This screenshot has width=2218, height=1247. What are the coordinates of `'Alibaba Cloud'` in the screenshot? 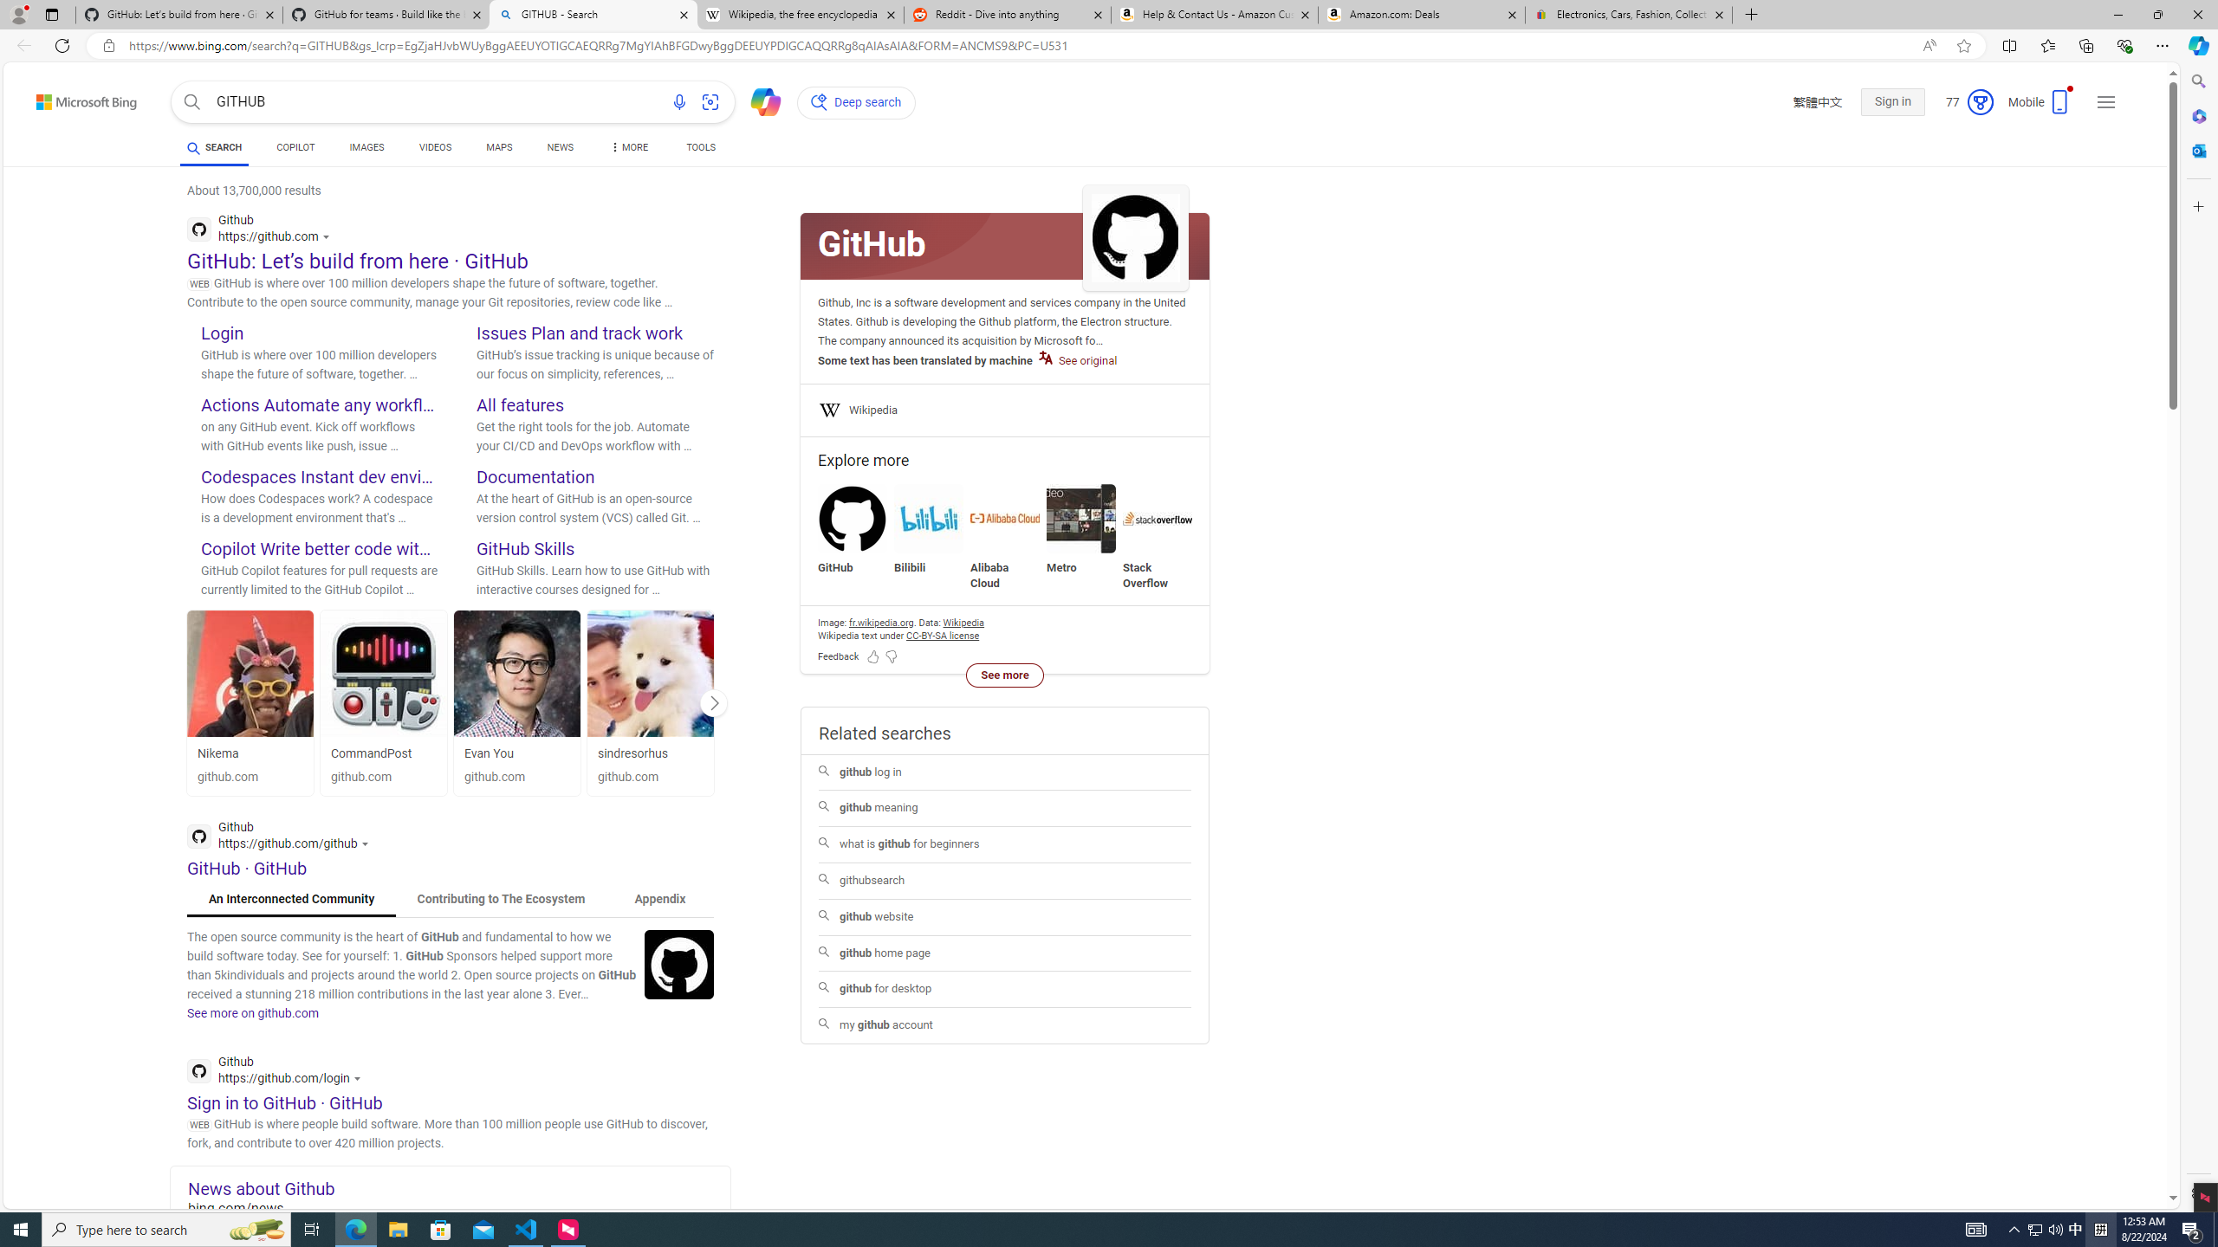 It's located at (1004, 518).